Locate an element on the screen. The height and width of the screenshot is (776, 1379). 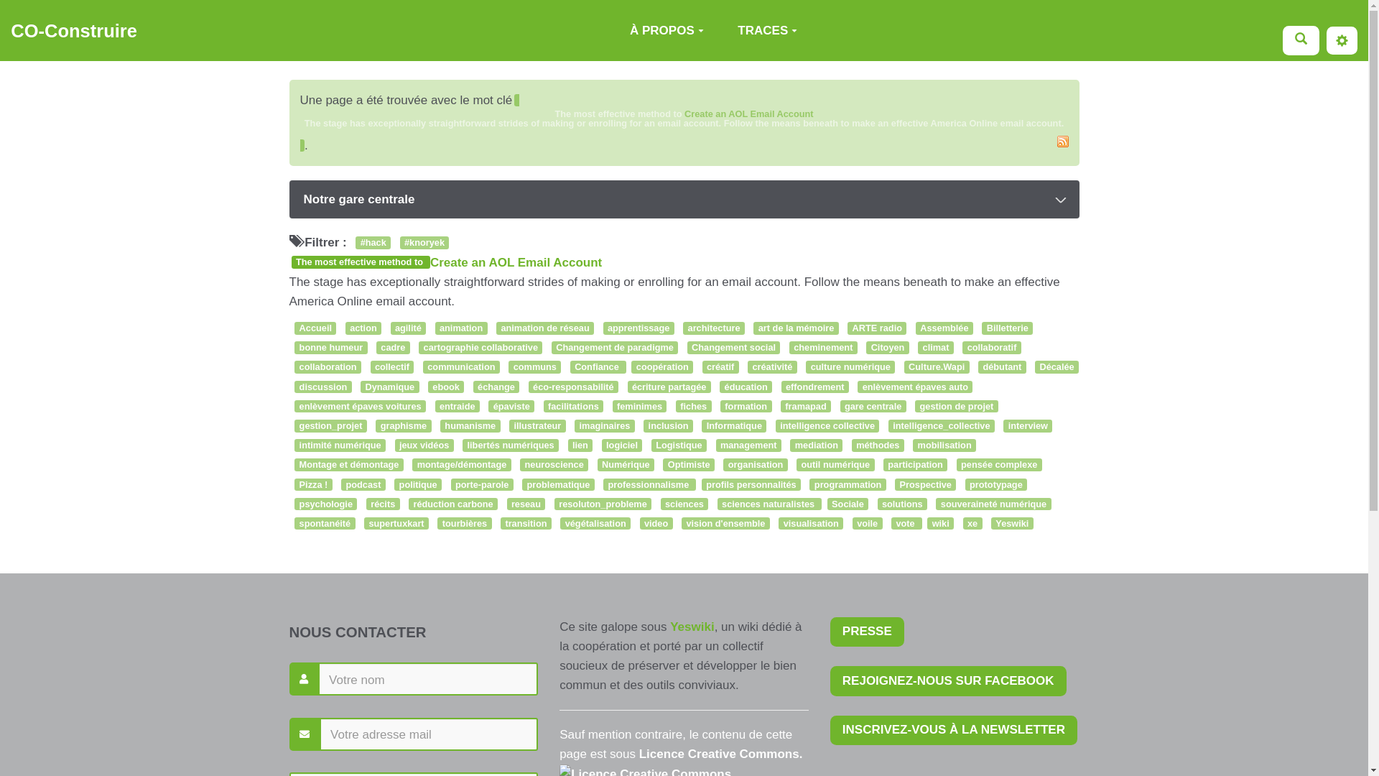
'Culture.Wapi' is located at coordinates (937, 366).